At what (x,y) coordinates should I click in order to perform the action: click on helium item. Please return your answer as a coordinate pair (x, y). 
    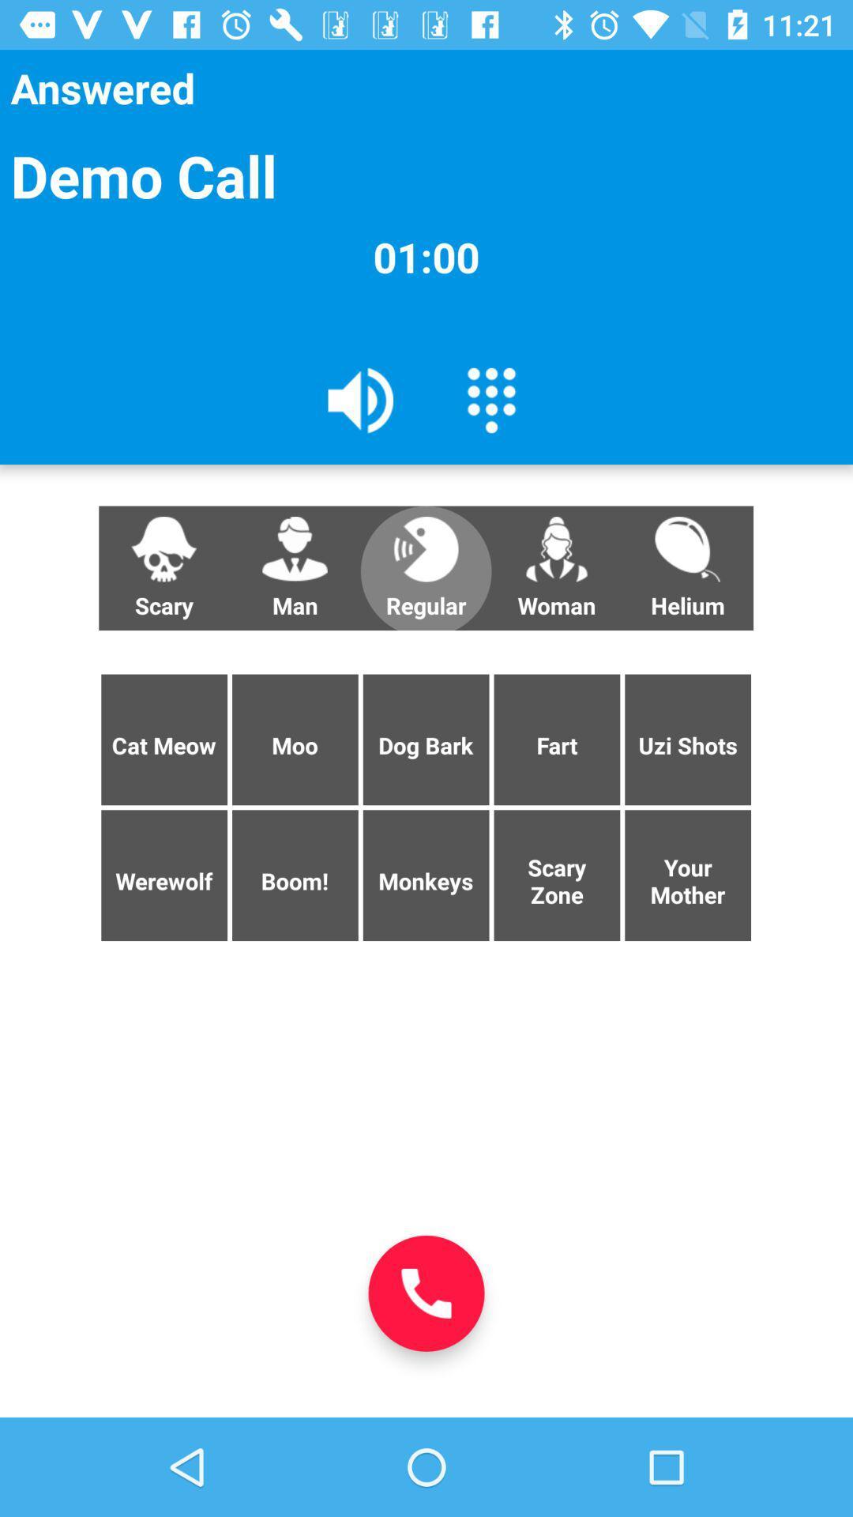
    Looking at the image, I should click on (687, 568).